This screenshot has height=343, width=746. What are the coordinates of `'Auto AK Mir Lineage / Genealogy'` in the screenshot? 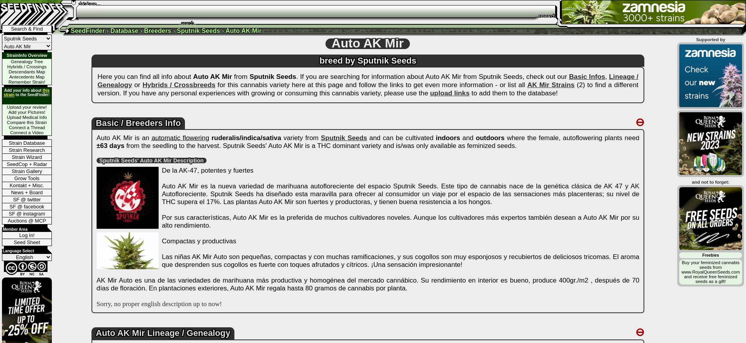 It's located at (162, 333).